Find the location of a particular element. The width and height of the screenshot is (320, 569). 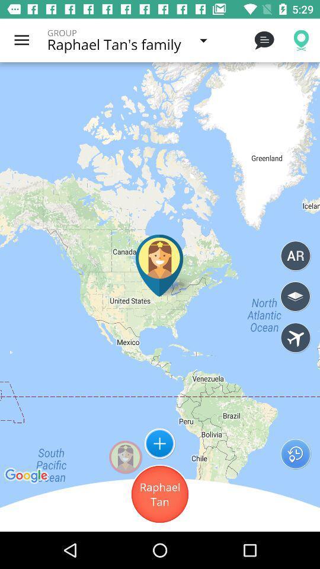

the button below is located at coordinates (160, 494).